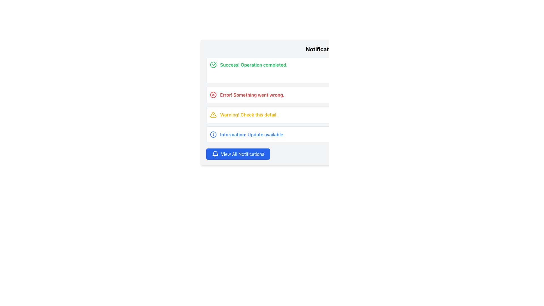 The width and height of the screenshot is (544, 306). What do you see at coordinates (261, 106) in the screenshot?
I see `the warning notification alert conveying an important issue in the Notification Dashboard` at bounding box center [261, 106].